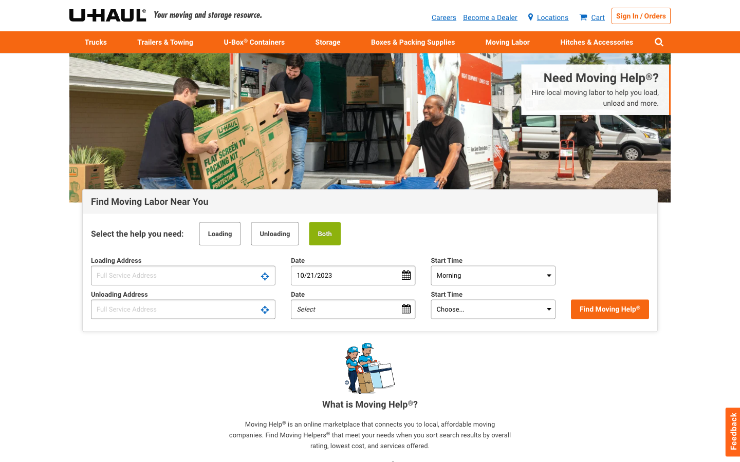 The image size is (740, 462). I want to click on Looking to employ local hands for shifting, so click(578, 94).